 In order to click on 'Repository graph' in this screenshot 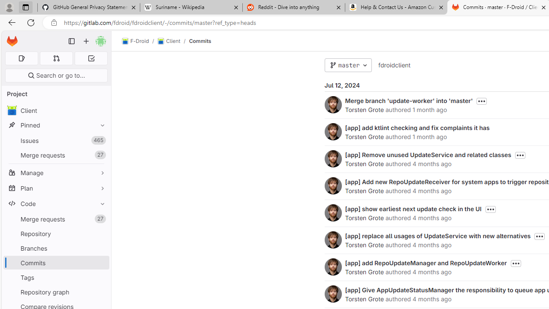, I will do `click(56, 291)`.